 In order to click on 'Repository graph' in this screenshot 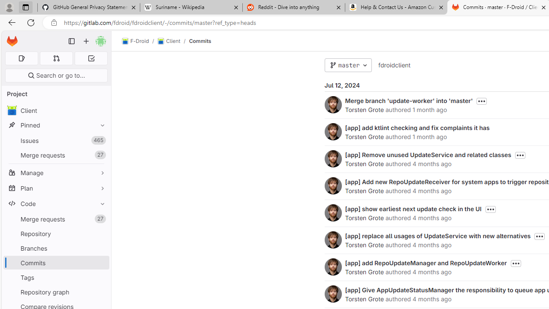, I will do `click(56, 291)`.